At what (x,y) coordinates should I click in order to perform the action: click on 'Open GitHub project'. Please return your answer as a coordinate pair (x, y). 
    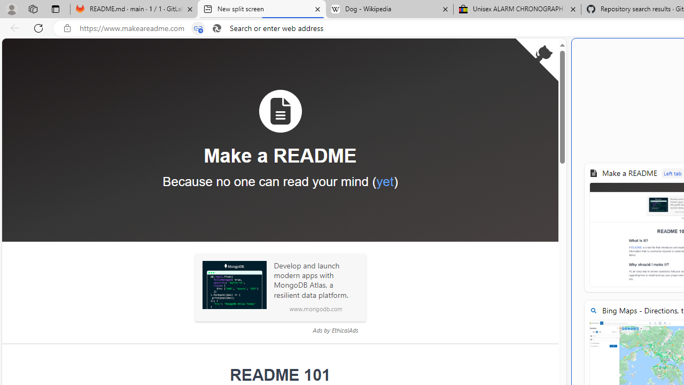
    Looking at the image, I should click on (537, 59).